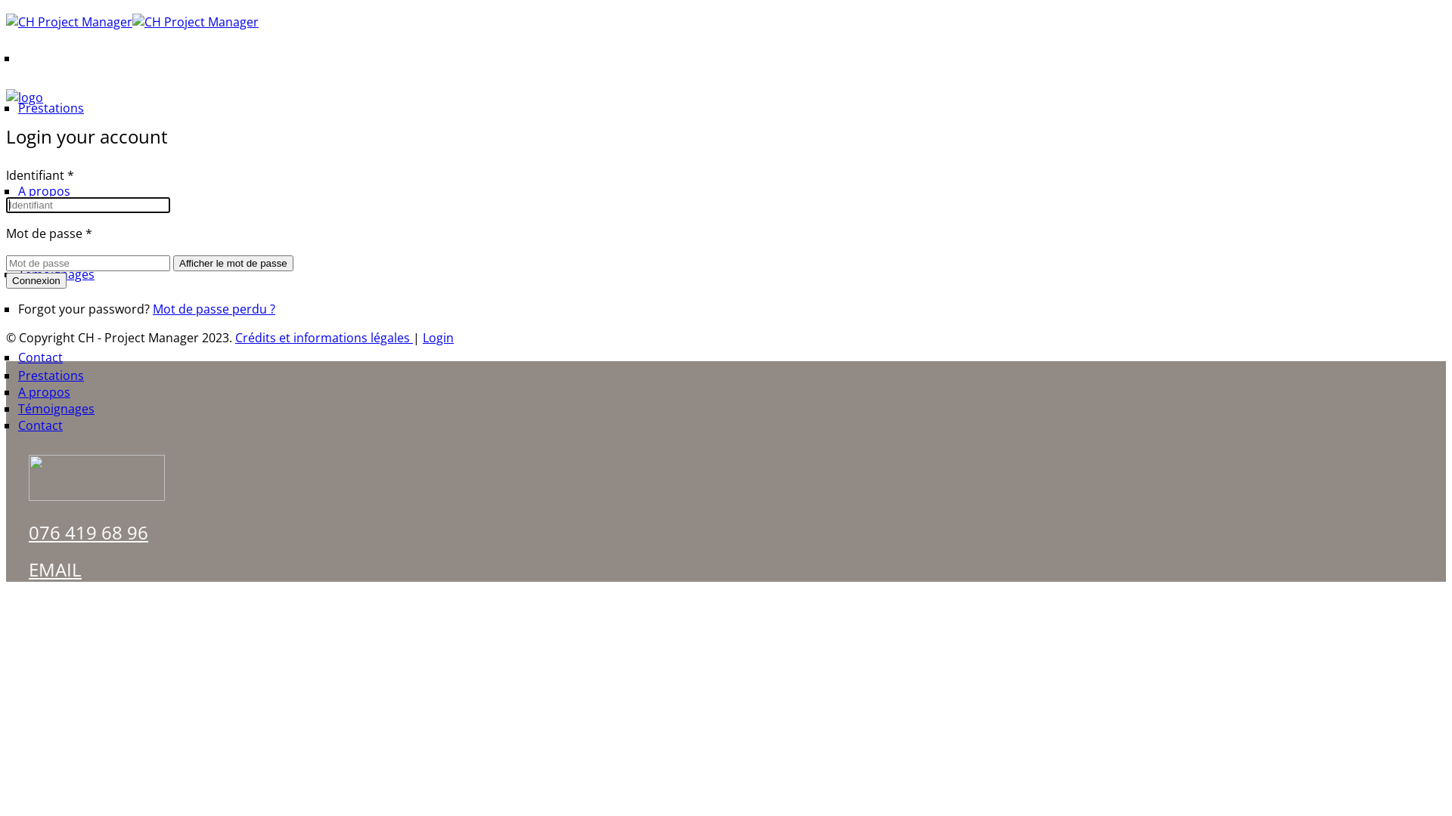  Describe the element at coordinates (87, 531) in the screenshot. I see `'076 419 68 96'` at that location.